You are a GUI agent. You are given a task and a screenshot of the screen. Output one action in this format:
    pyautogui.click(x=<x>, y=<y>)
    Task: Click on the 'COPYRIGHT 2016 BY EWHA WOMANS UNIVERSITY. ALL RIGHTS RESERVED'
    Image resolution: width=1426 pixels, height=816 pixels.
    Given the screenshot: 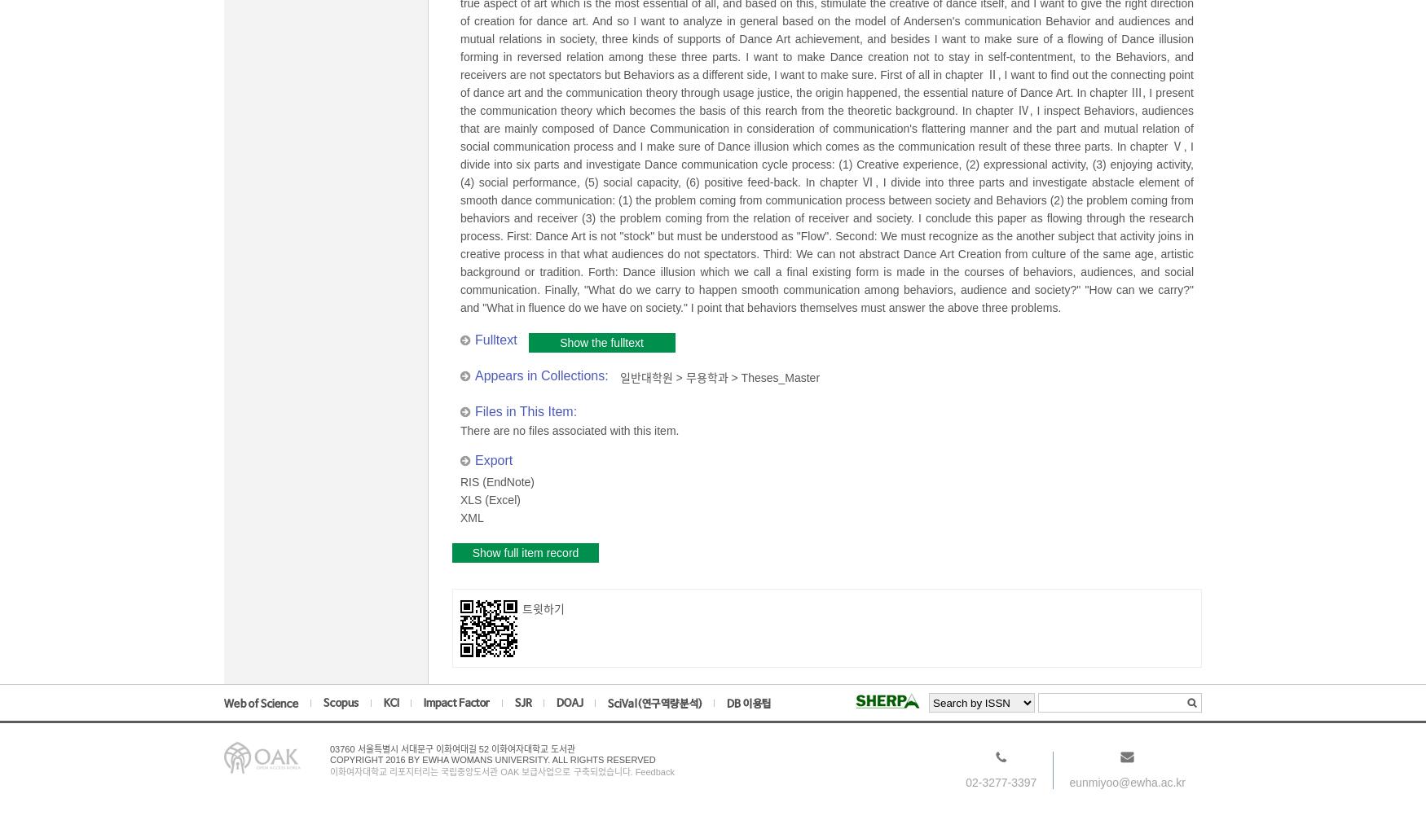 What is the action you would take?
    pyautogui.click(x=492, y=758)
    